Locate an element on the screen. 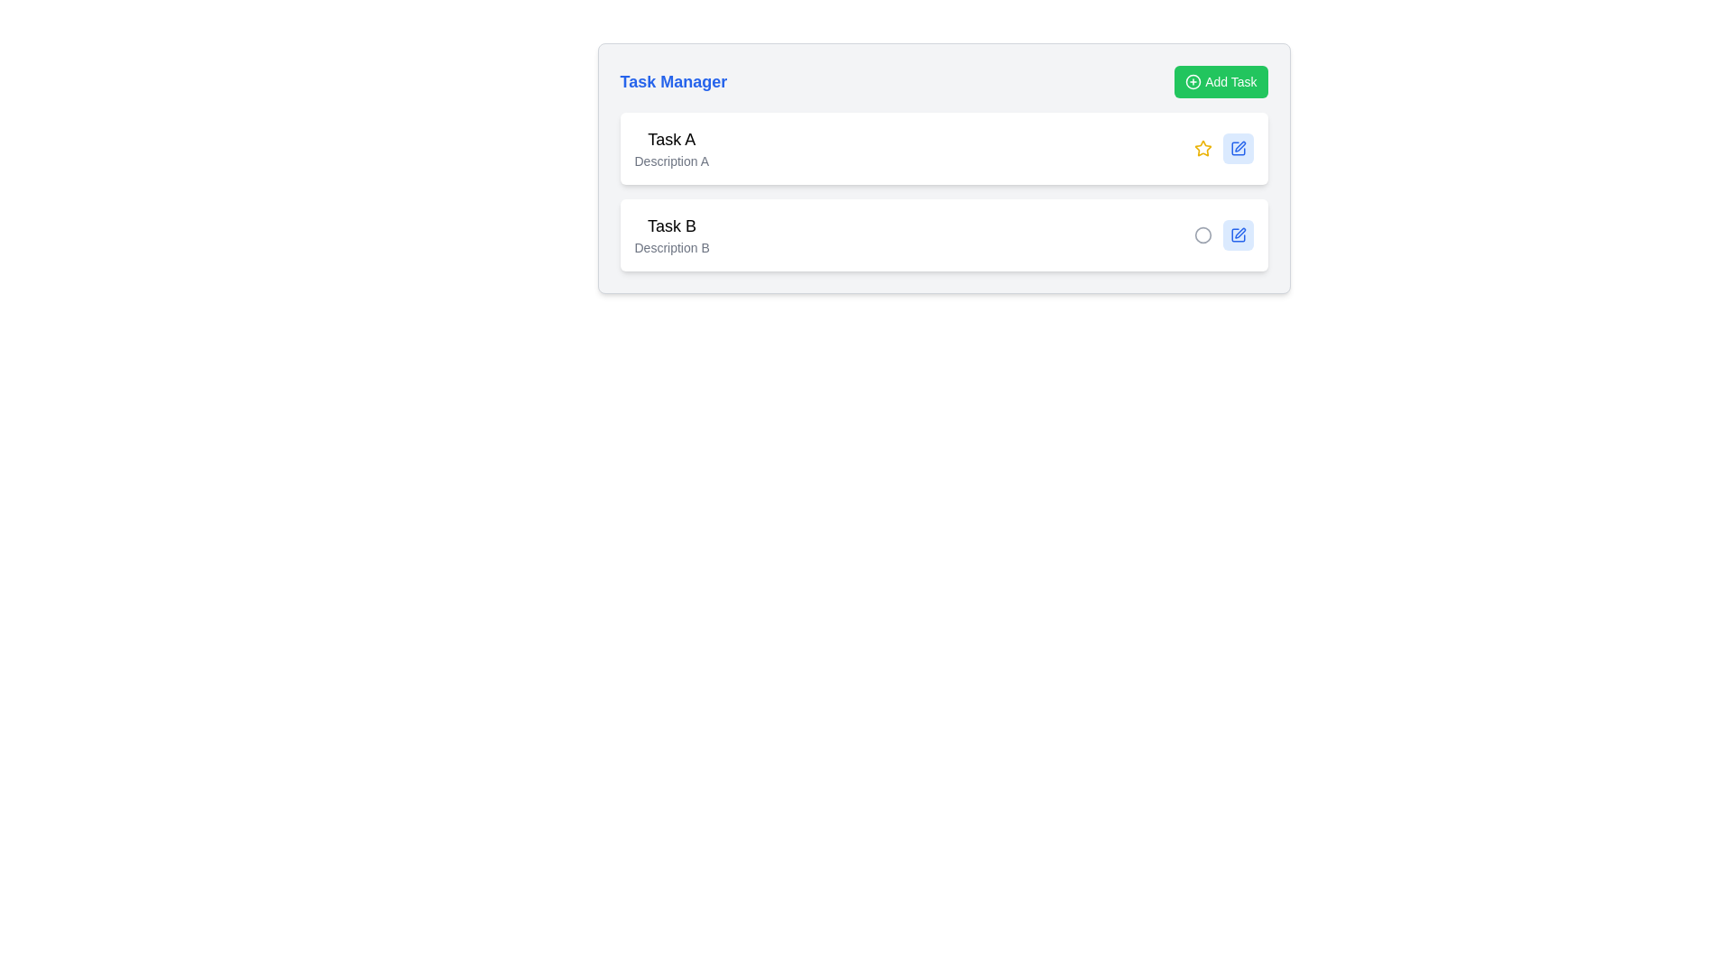  the circular icon outlined with a stroke, located next to the top-right corner of the 'Add Task' button area is located at coordinates (1193, 82).